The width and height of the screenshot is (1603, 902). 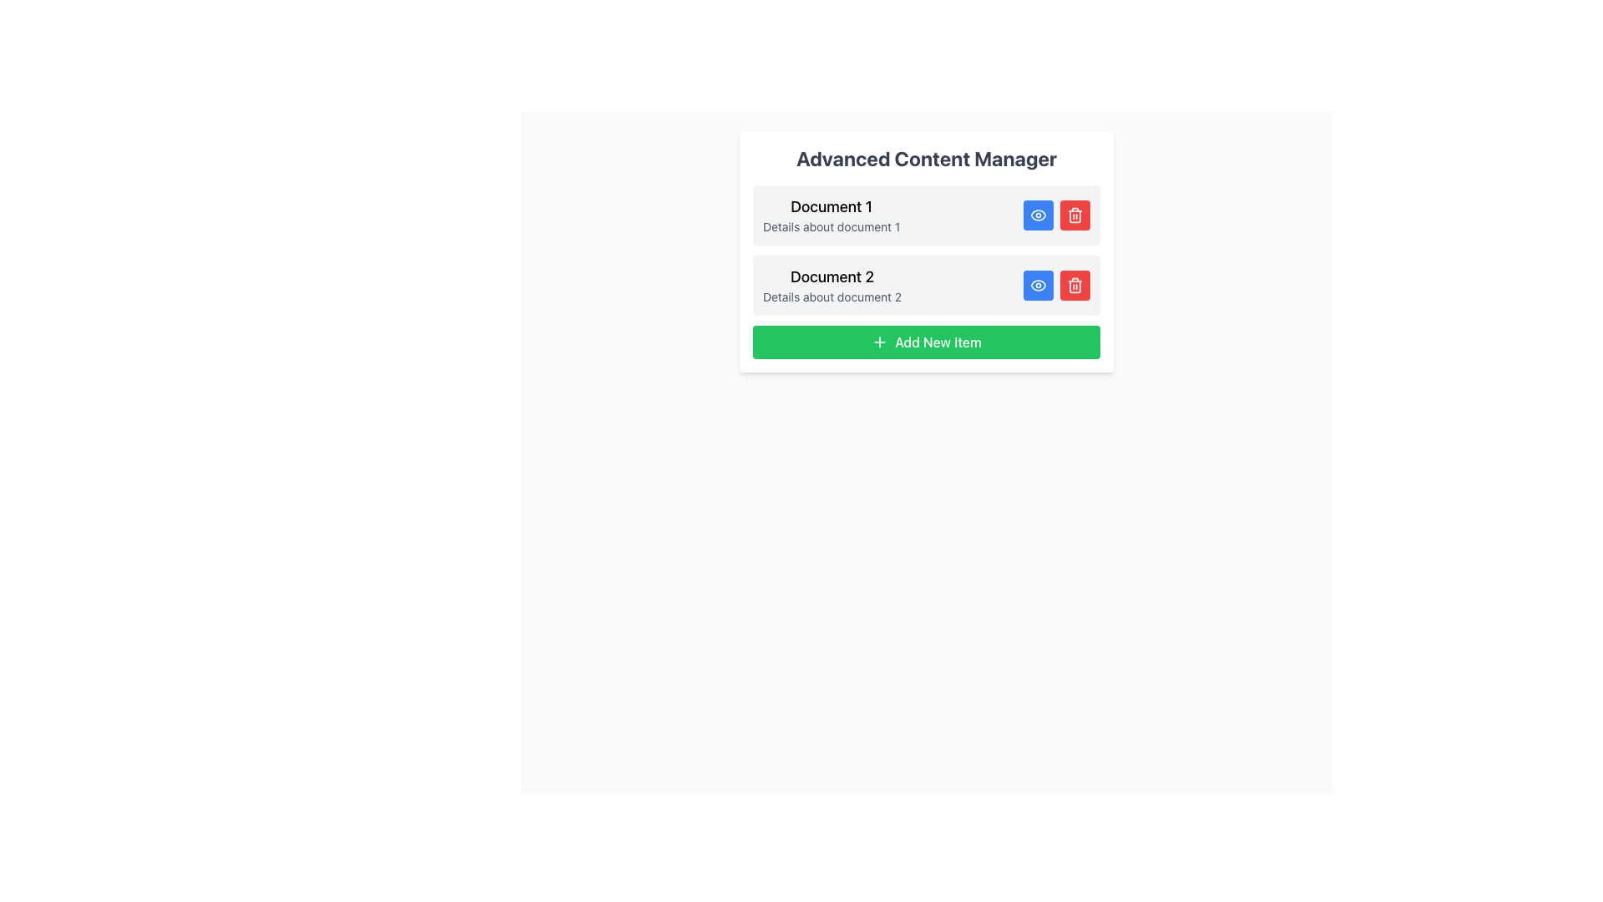 What do you see at coordinates (1075, 286) in the screenshot?
I see `the trash icon for 'Document 2' in the Advanced Content Manager UI` at bounding box center [1075, 286].